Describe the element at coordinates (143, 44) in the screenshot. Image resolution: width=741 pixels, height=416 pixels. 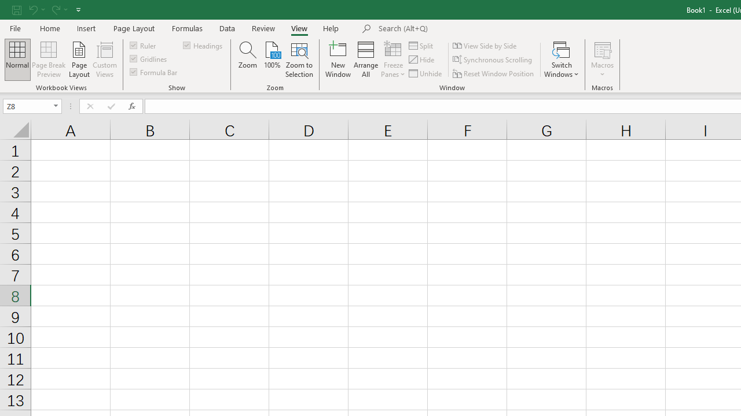
I see `'Ruler'` at that location.